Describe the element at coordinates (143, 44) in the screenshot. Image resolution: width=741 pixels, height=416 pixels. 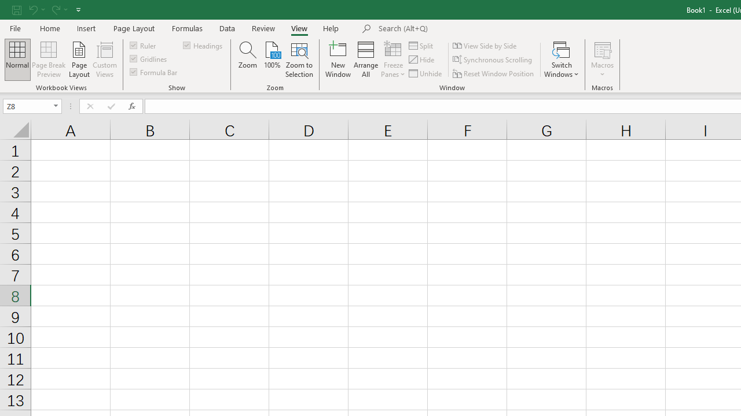
I see `'Ruler'` at that location.